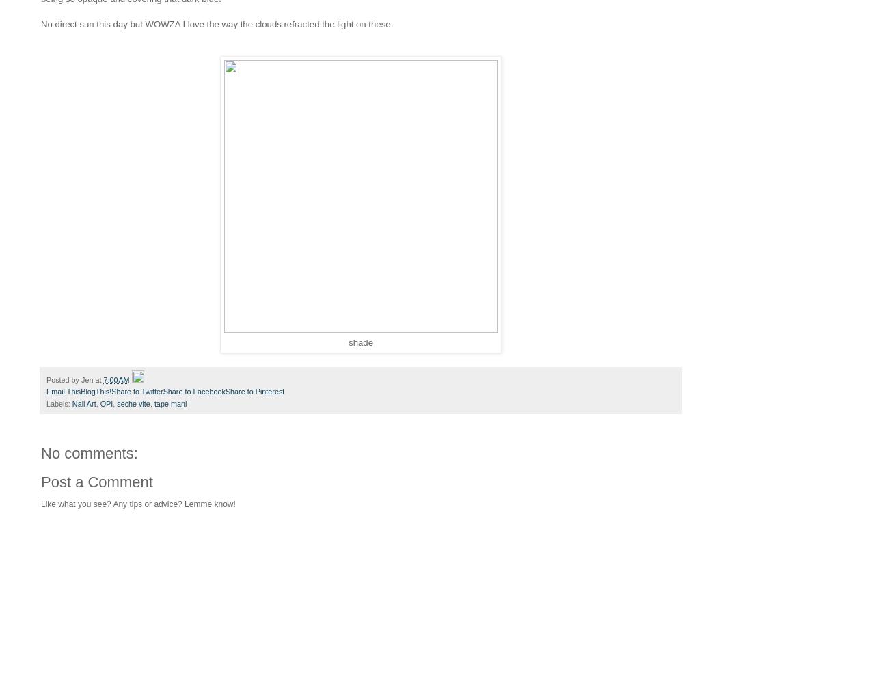  Describe the element at coordinates (216, 23) in the screenshot. I see `'No direct sun this day but WOWZA I love the way the clouds refracted the light on these.'` at that location.